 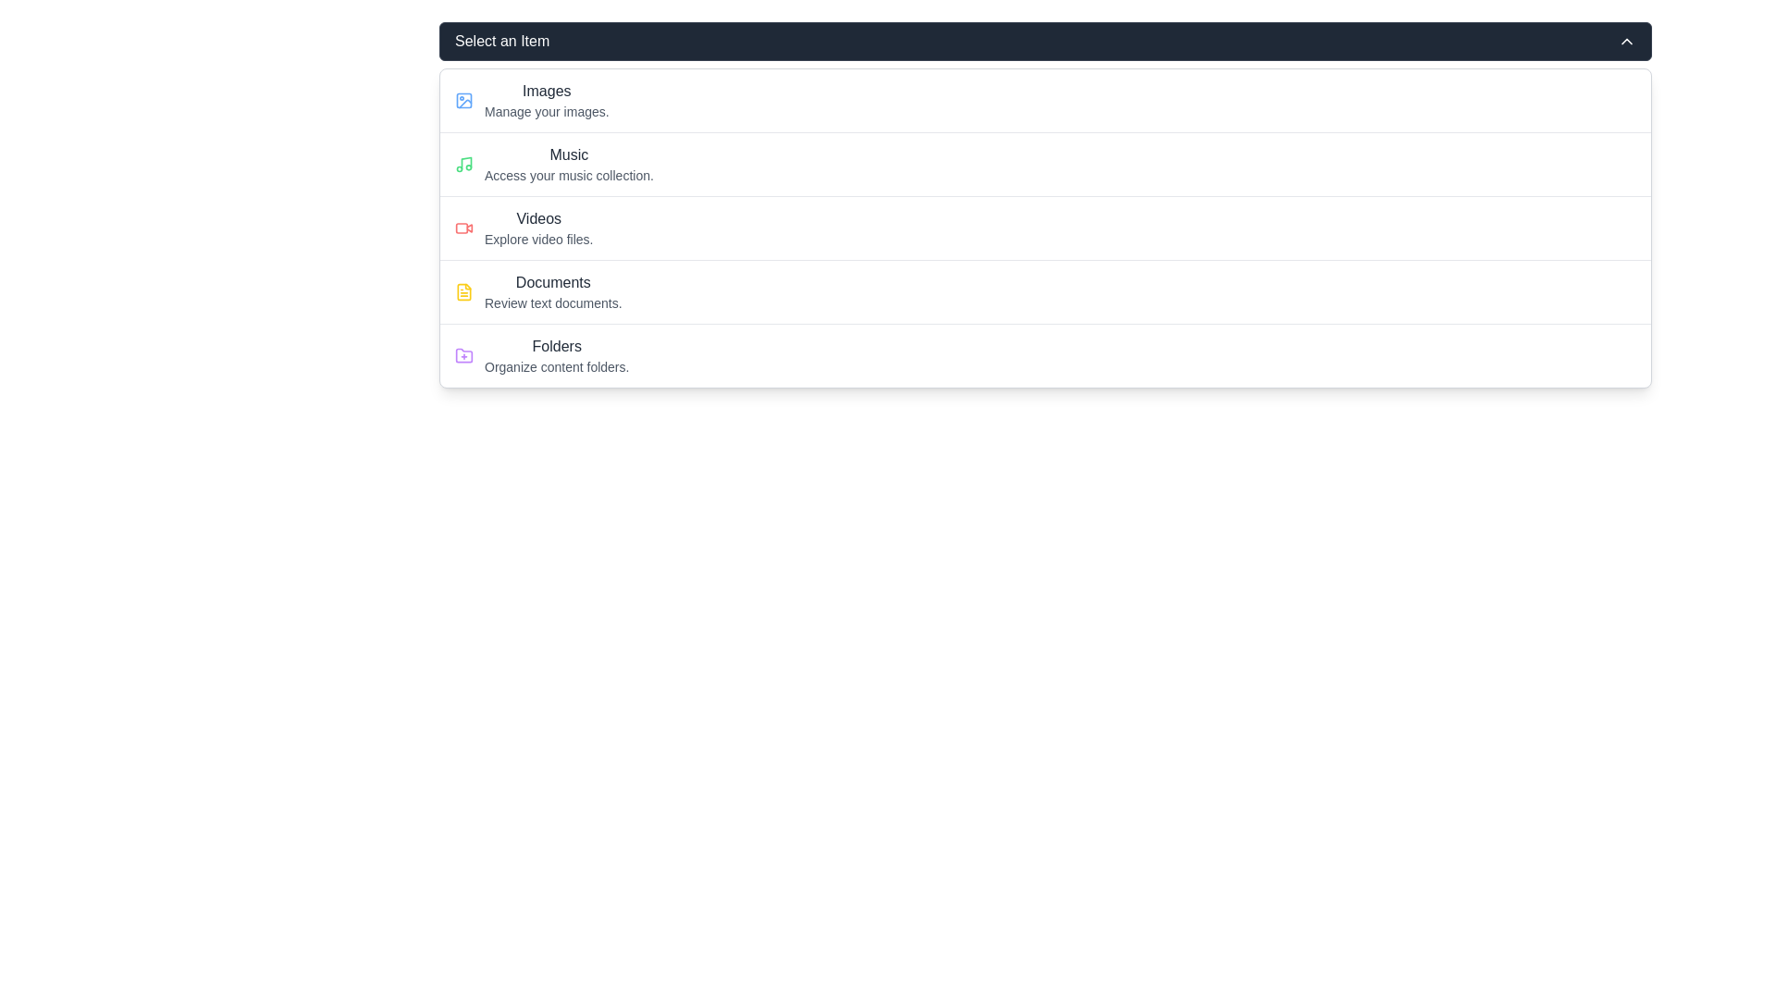 What do you see at coordinates (552, 291) in the screenshot?
I see `the fourth selectable list item that provides access to document review functionality` at bounding box center [552, 291].